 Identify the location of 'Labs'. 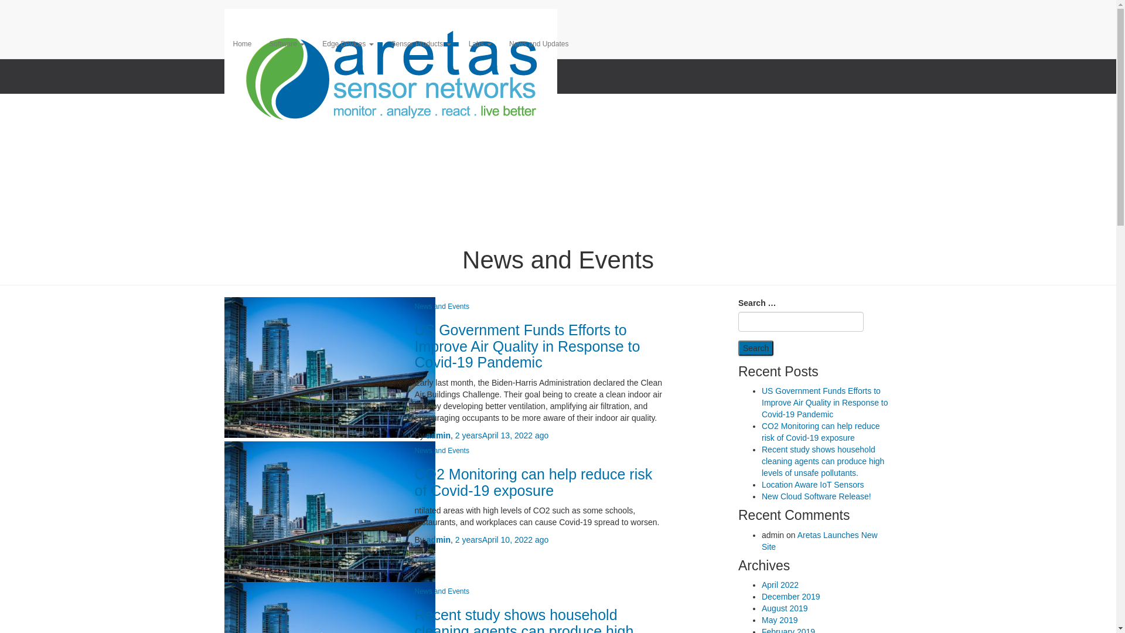
(480, 43).